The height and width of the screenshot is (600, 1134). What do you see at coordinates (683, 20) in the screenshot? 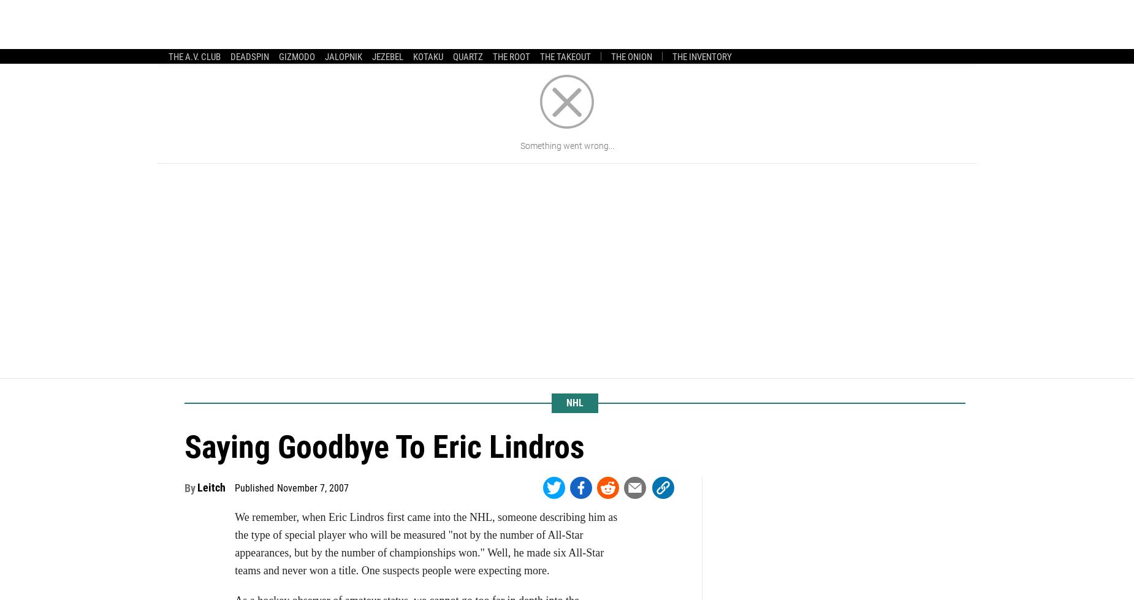
I see `'Golf'` at bounding box center [683, 20].